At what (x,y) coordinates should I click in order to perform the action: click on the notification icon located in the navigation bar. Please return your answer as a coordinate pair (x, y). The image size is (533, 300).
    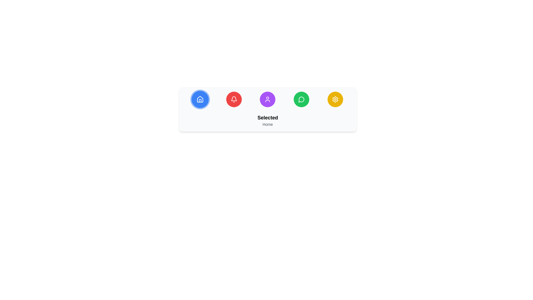
    Looking at the image, I should click on (234, 99).